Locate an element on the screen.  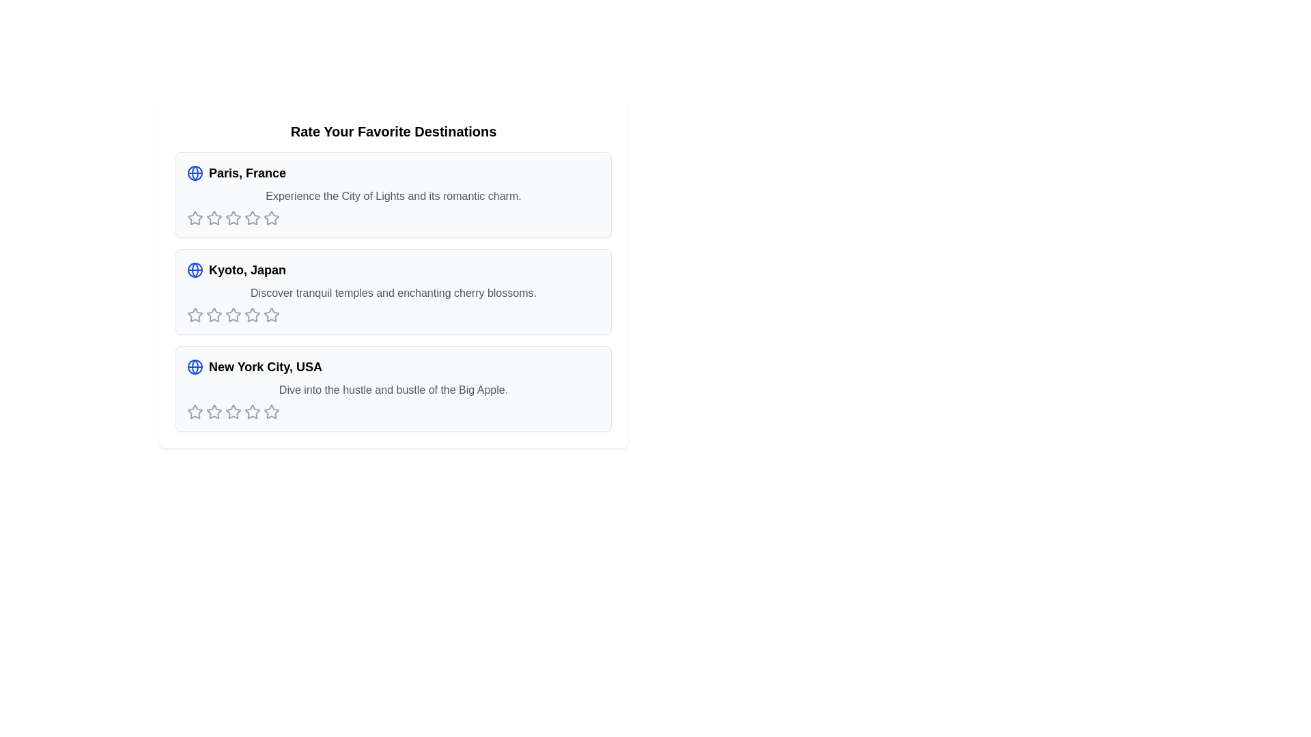
the fifth star icon in the rating section under the 'New York City, USA' text block to rate is located at coordinates (252, 411).